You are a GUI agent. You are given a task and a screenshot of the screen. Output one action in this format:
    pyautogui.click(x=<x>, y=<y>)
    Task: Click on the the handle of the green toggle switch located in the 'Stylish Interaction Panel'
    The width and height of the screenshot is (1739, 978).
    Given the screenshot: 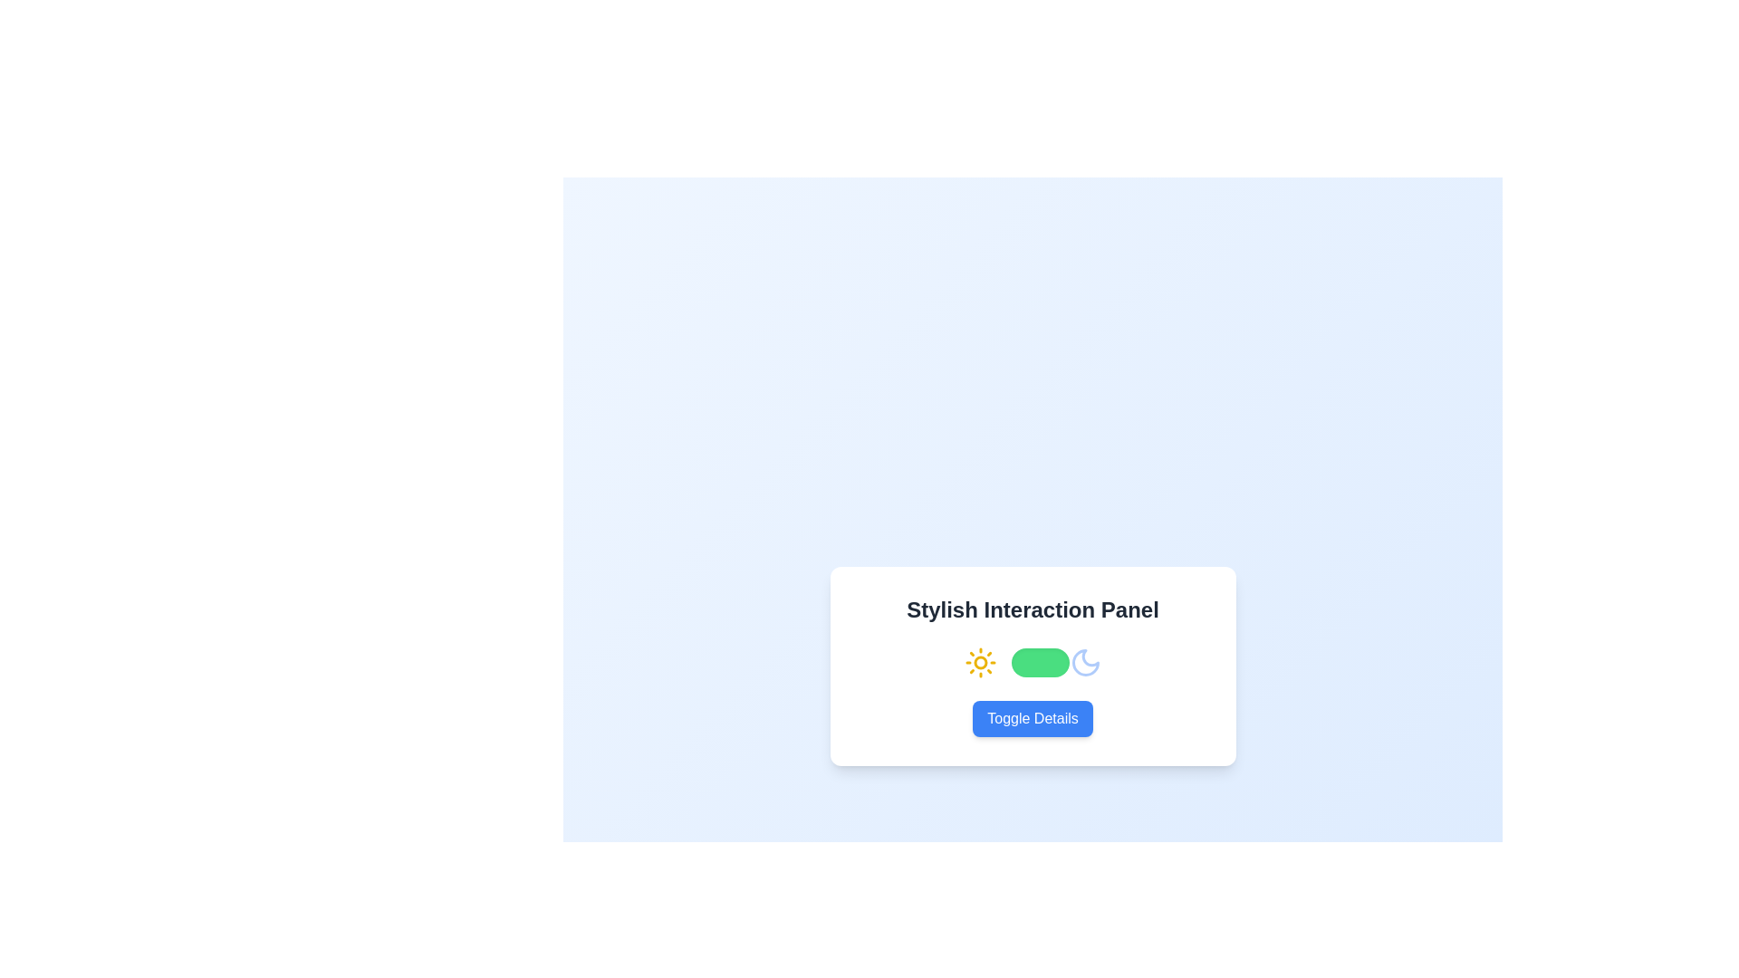 What is the action you would take?
    pyautogui.click(x=1033, y=666)
    